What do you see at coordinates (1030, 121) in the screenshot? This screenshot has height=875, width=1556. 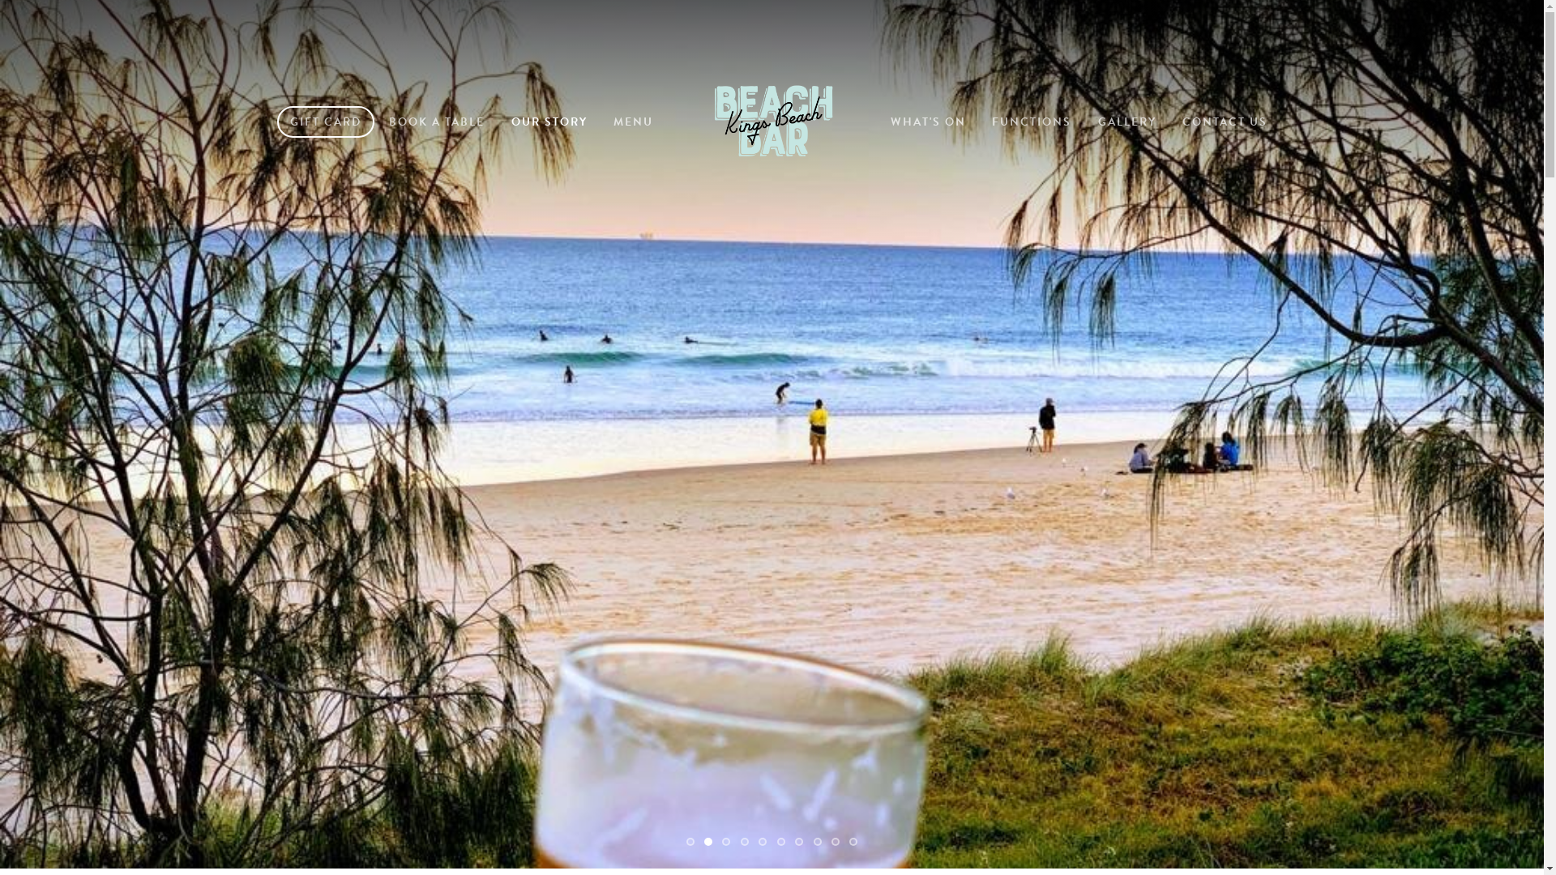 I see `'FUNCTIONS'` at bounding box center [1030, 121].